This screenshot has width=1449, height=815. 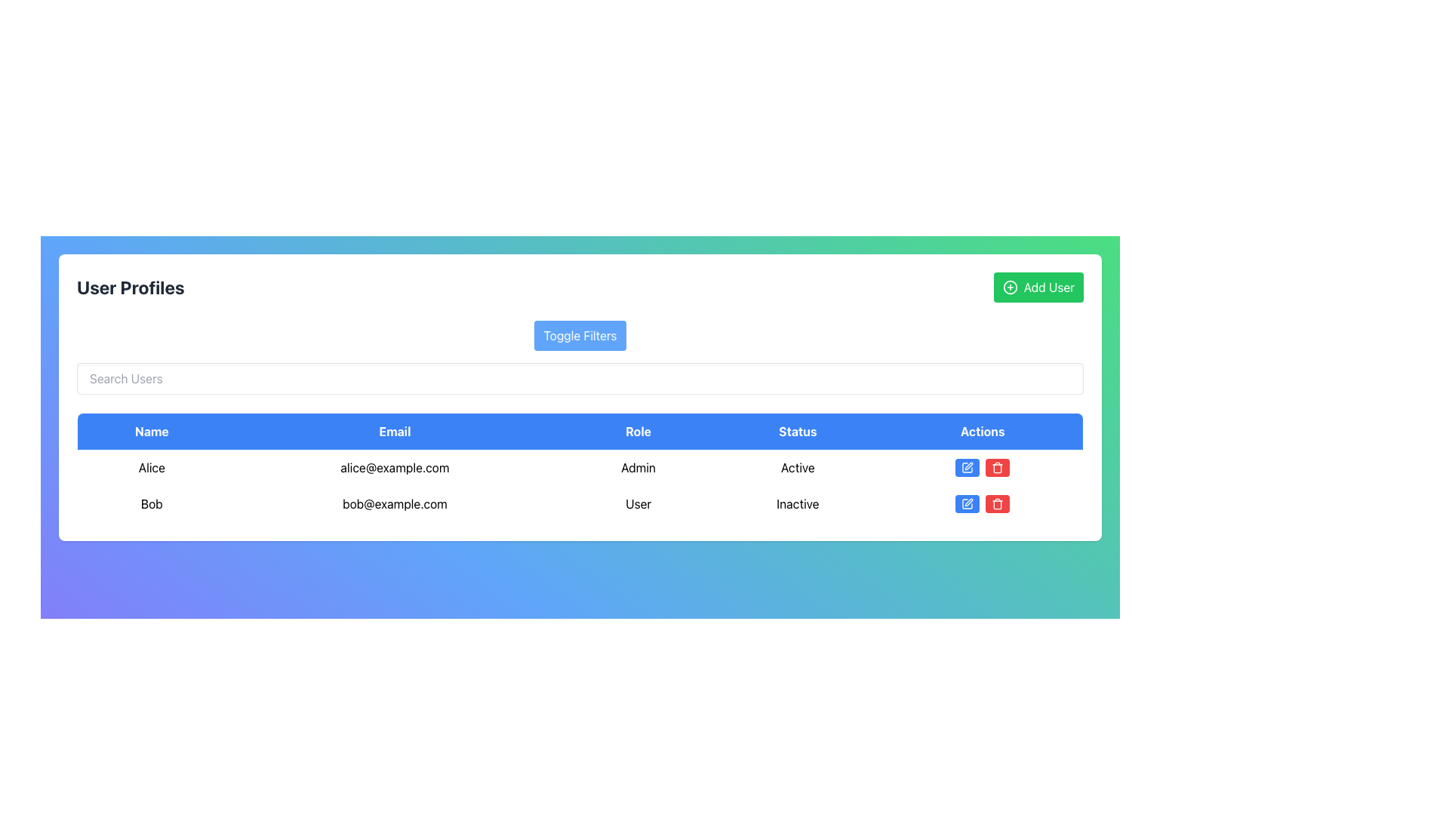 What do you see at coordinates (983, 503) in the screenshot?
I see `the red button in the 'Actions' column of the row corresponding to user 'Bob'` at bounding box center [983, 503].